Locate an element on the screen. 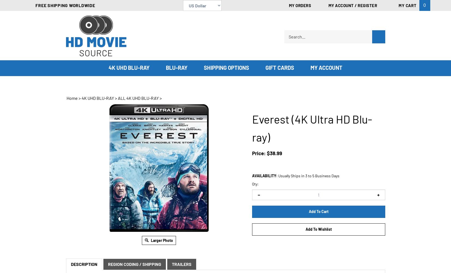 This screenshot has height=273, width=451. 'REGION CODING / SHIPPING' is located at coordinates (107, 263).